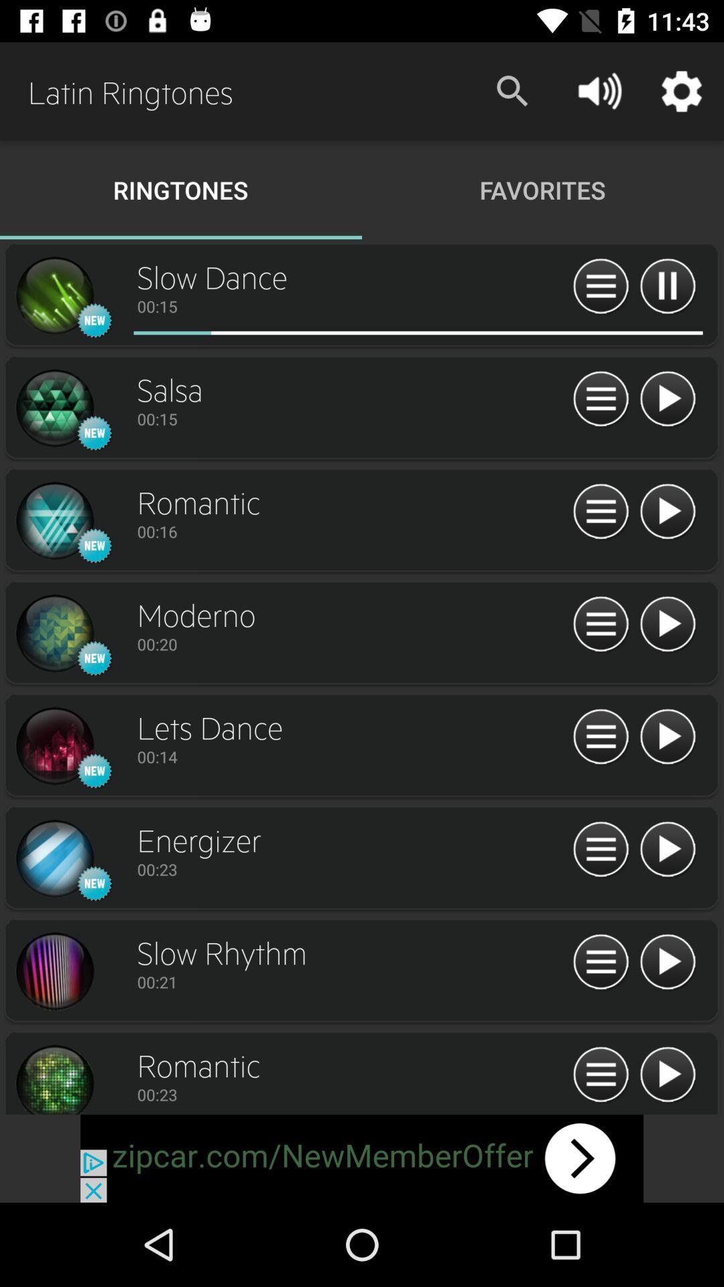 The width and height of the screenshot is (724, 1287). What do you see at coordinates (512, 91) in the screenshot?
I see `search icon right to latin ringtones` at bounding box center [512, 91].